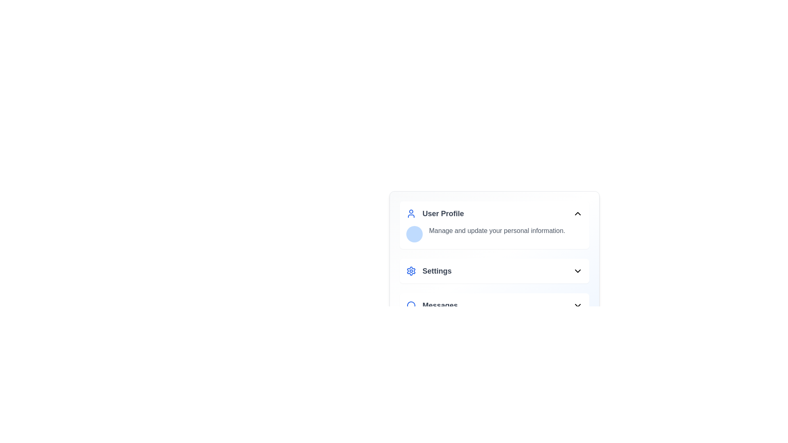 Image resolution: width=788 pixels, height=443 pixels. What do you see at coordinates (577, 305) in the screenshot?
I see `the downward-pointing chevron icon` at bounding box center [577, 305].